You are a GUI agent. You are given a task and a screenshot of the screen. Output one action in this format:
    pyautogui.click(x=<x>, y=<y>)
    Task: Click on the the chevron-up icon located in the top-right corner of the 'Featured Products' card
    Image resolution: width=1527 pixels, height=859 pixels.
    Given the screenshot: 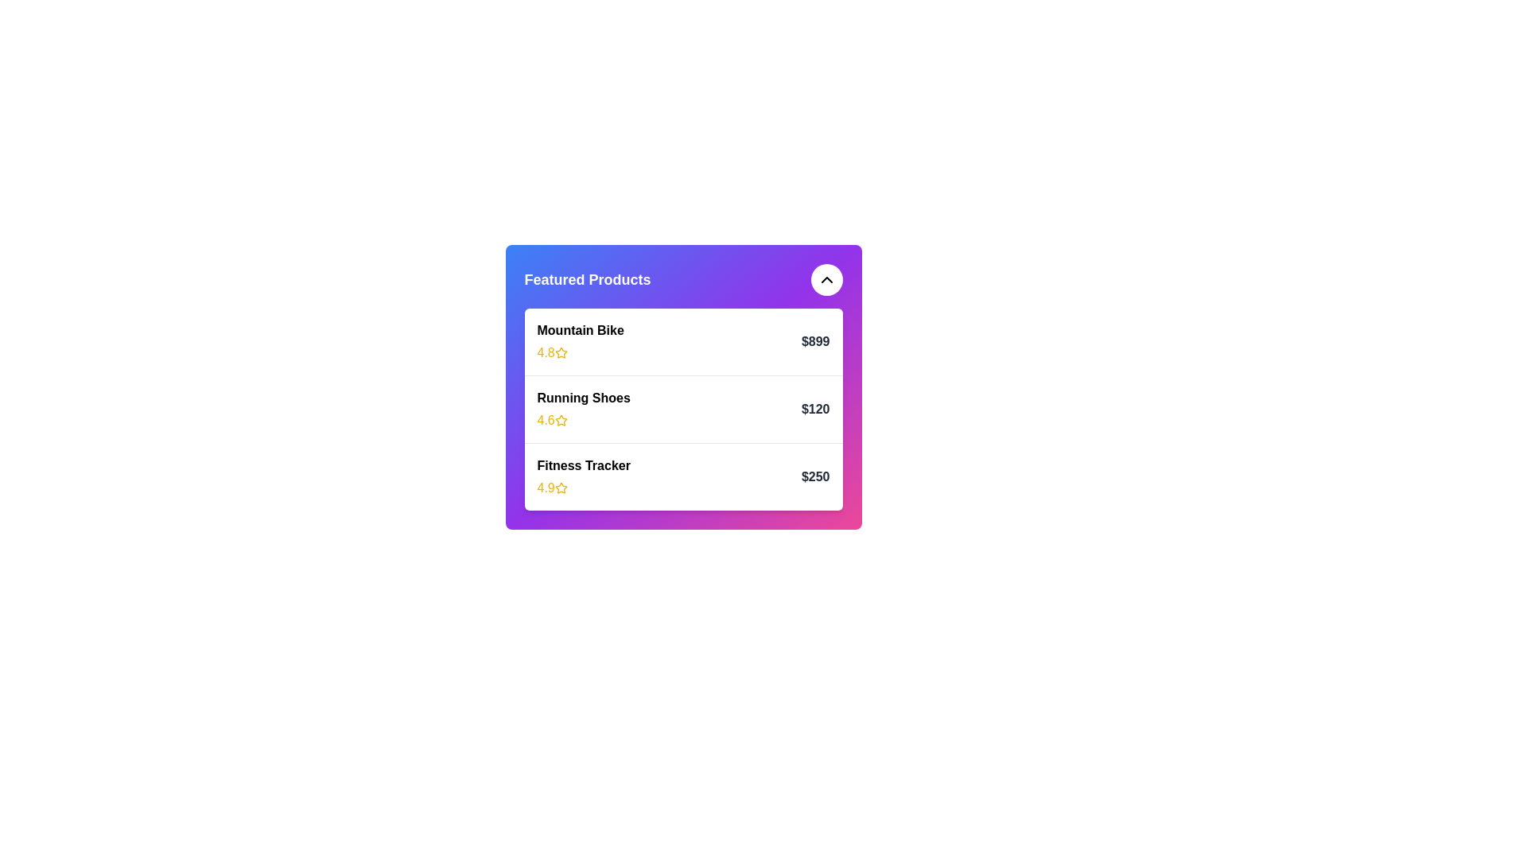 What is the action you would take?
    pyautogui.click(x=826, y=278)
    